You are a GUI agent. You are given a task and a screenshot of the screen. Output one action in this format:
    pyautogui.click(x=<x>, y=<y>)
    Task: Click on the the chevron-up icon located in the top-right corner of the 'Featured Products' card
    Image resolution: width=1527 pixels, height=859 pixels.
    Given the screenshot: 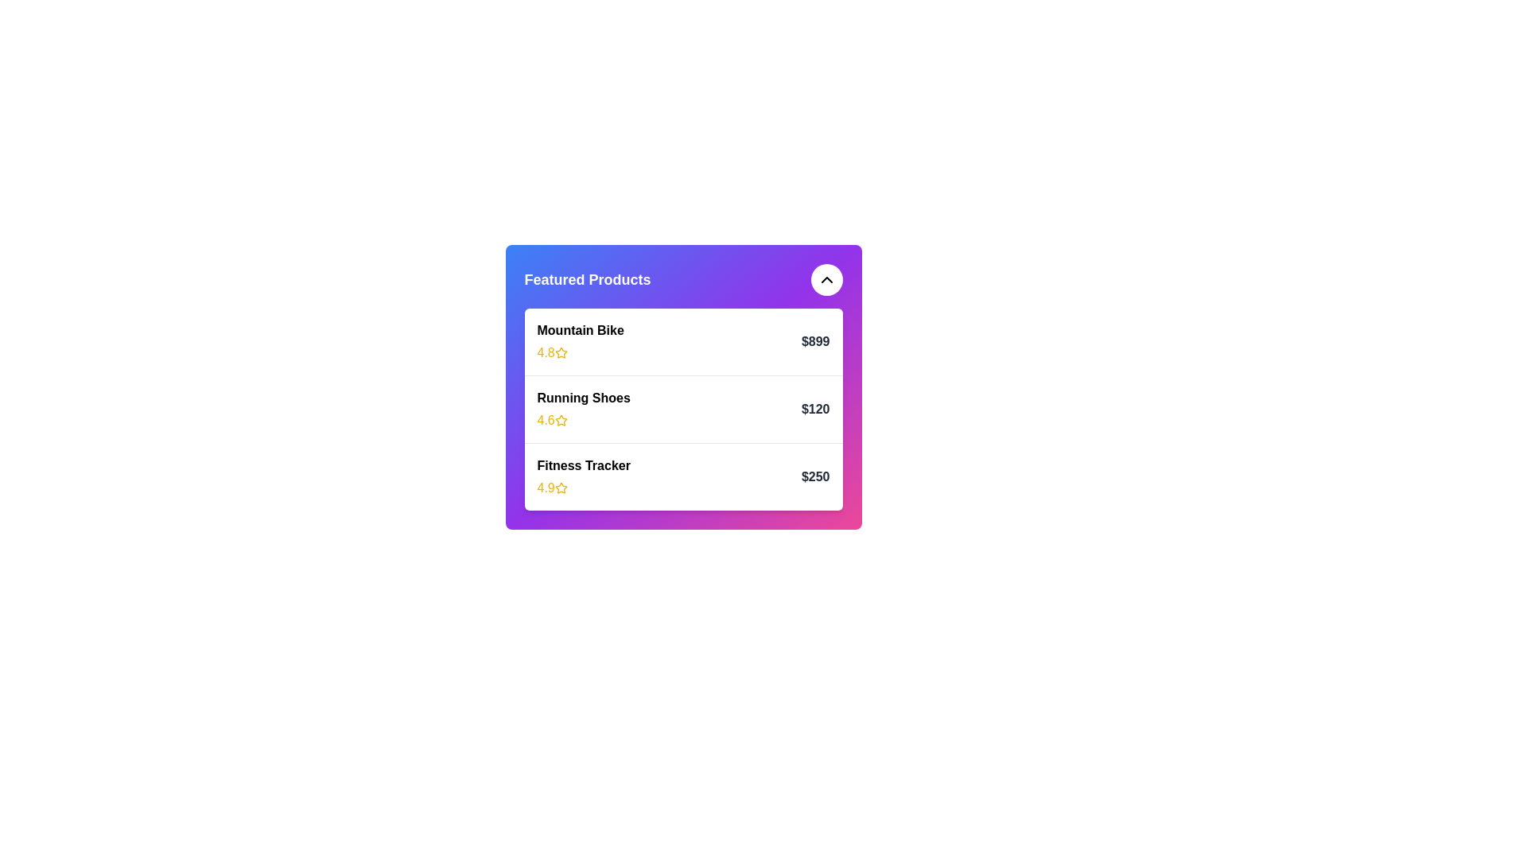 What is the action you would take?
    pyautogui.click(x=826, y=278)
    